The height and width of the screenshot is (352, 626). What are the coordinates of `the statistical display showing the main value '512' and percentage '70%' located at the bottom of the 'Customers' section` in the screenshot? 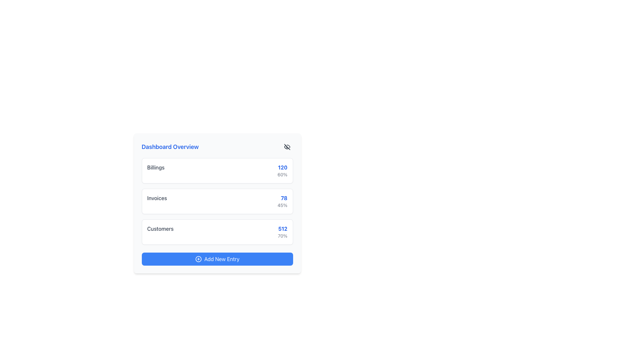 It's located at (282, 232).